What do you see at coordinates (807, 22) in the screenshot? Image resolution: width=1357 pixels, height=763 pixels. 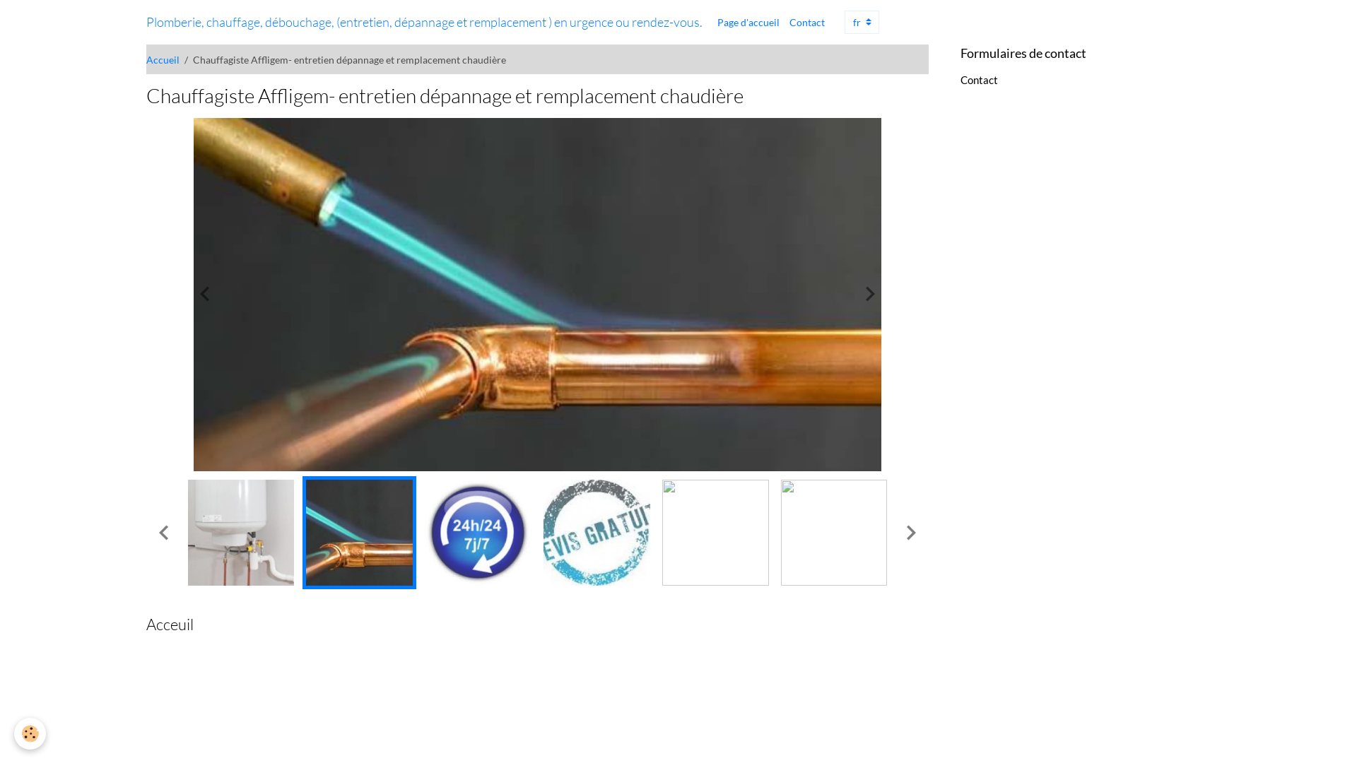 I see `'Contact'` at bounding box center [807, 22].